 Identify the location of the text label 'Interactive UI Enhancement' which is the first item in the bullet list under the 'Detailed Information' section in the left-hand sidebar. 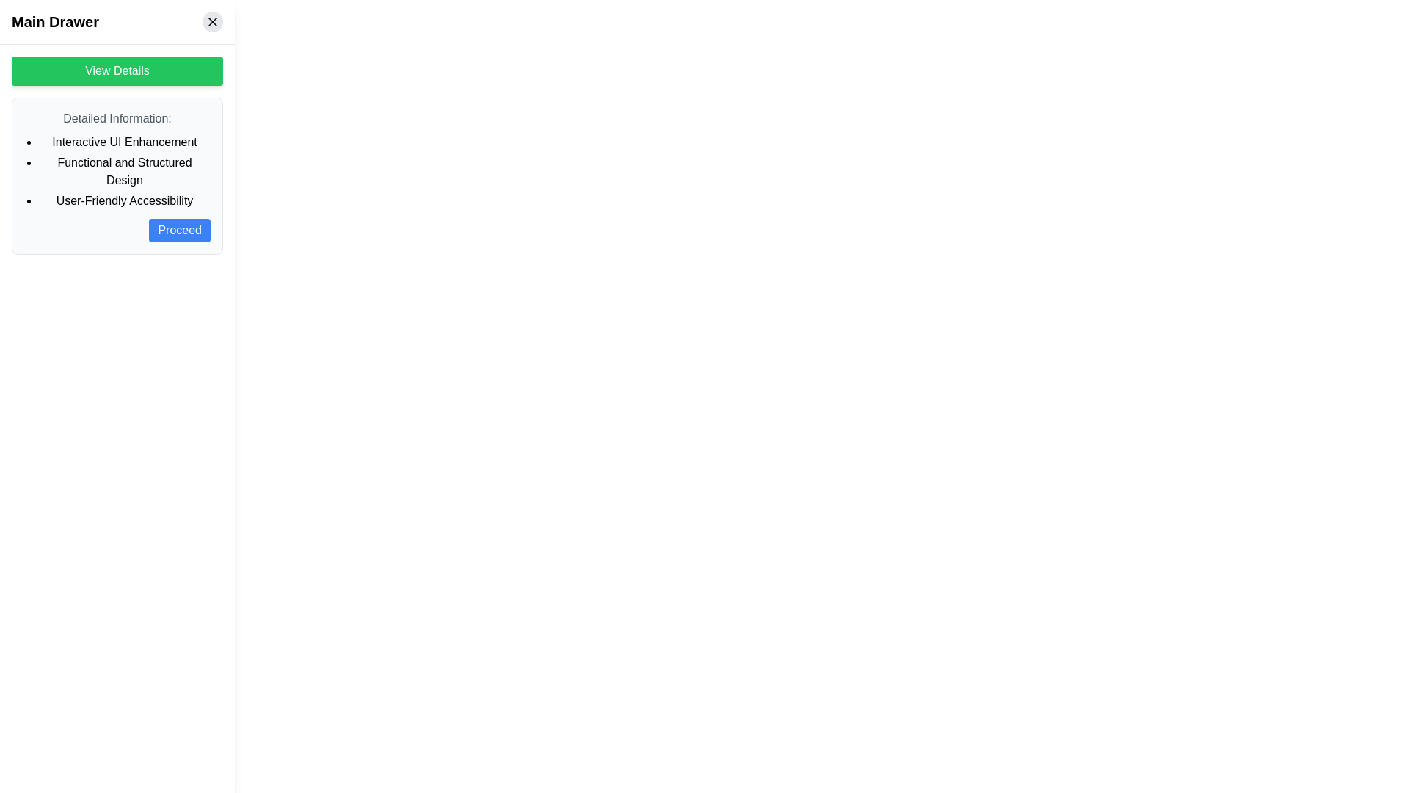
(124, 142).